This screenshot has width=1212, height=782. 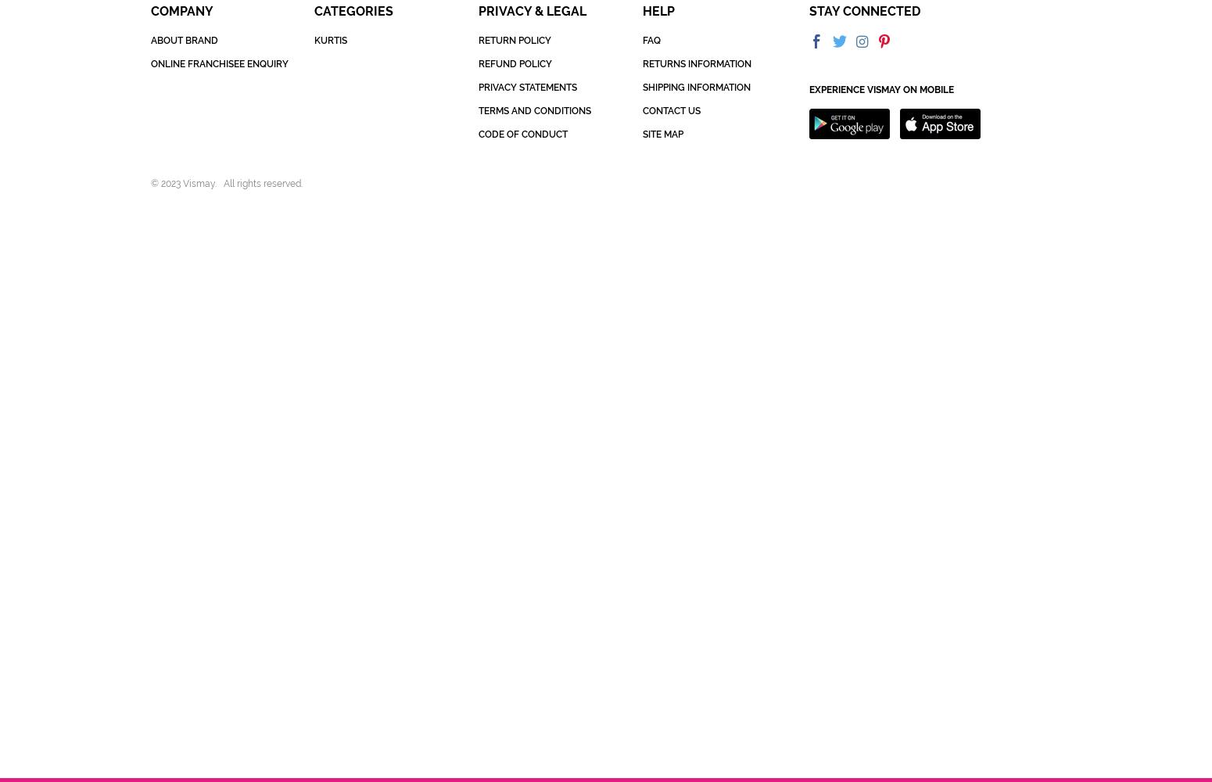 What do you see at coordinates (670, 111) in the screenshot?
I see `'CONTACT US'` at bounding box center [670, 111].